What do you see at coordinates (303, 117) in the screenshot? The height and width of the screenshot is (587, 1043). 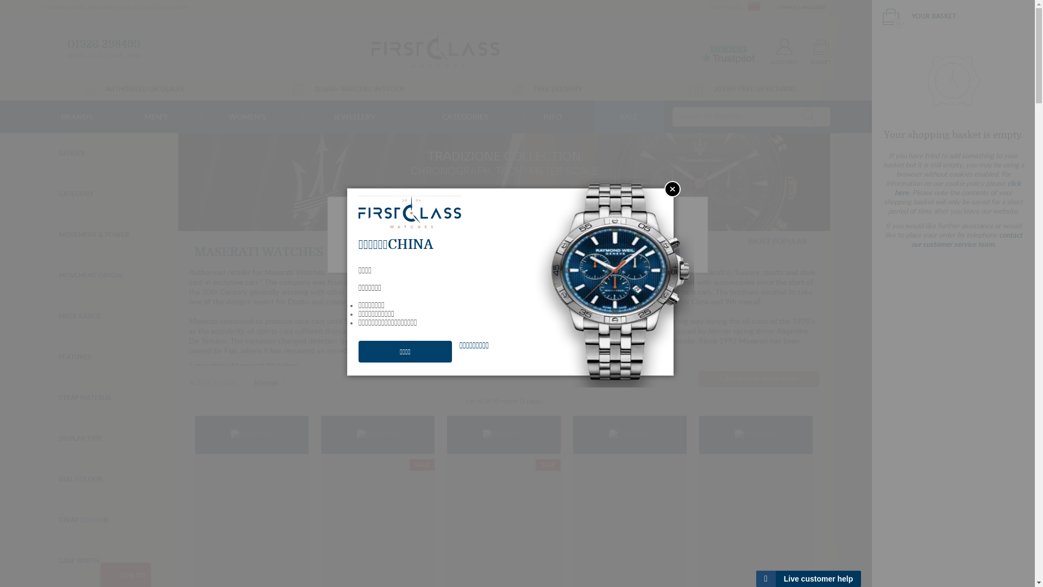 I see `'JEWELLERY'` at bounding box center [303, 117].